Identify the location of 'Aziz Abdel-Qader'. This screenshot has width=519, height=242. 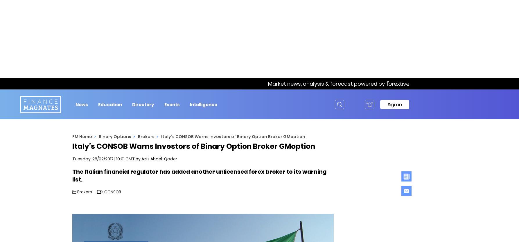
(159, 159).